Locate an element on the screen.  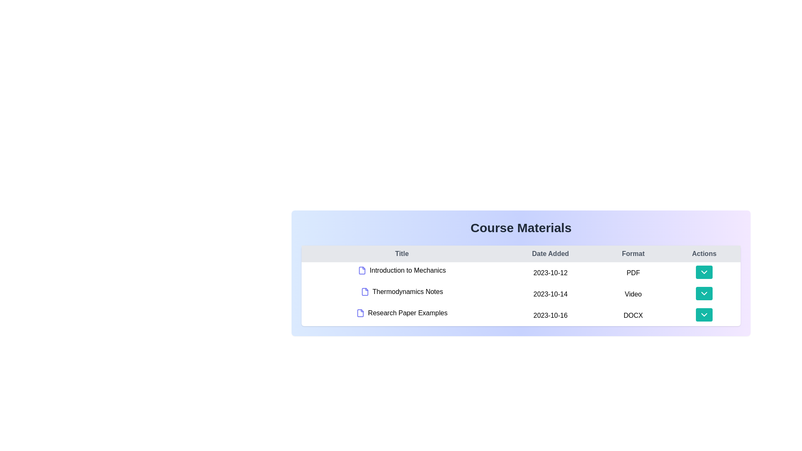
keyboard navigation is located at coordinates (703, 314).